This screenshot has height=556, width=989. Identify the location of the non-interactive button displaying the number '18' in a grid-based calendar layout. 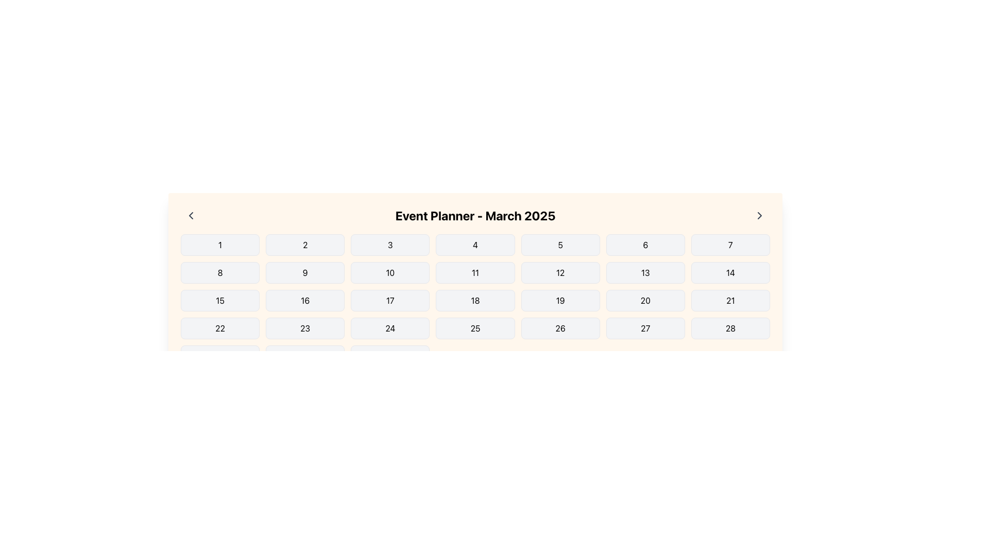
(474, 300).